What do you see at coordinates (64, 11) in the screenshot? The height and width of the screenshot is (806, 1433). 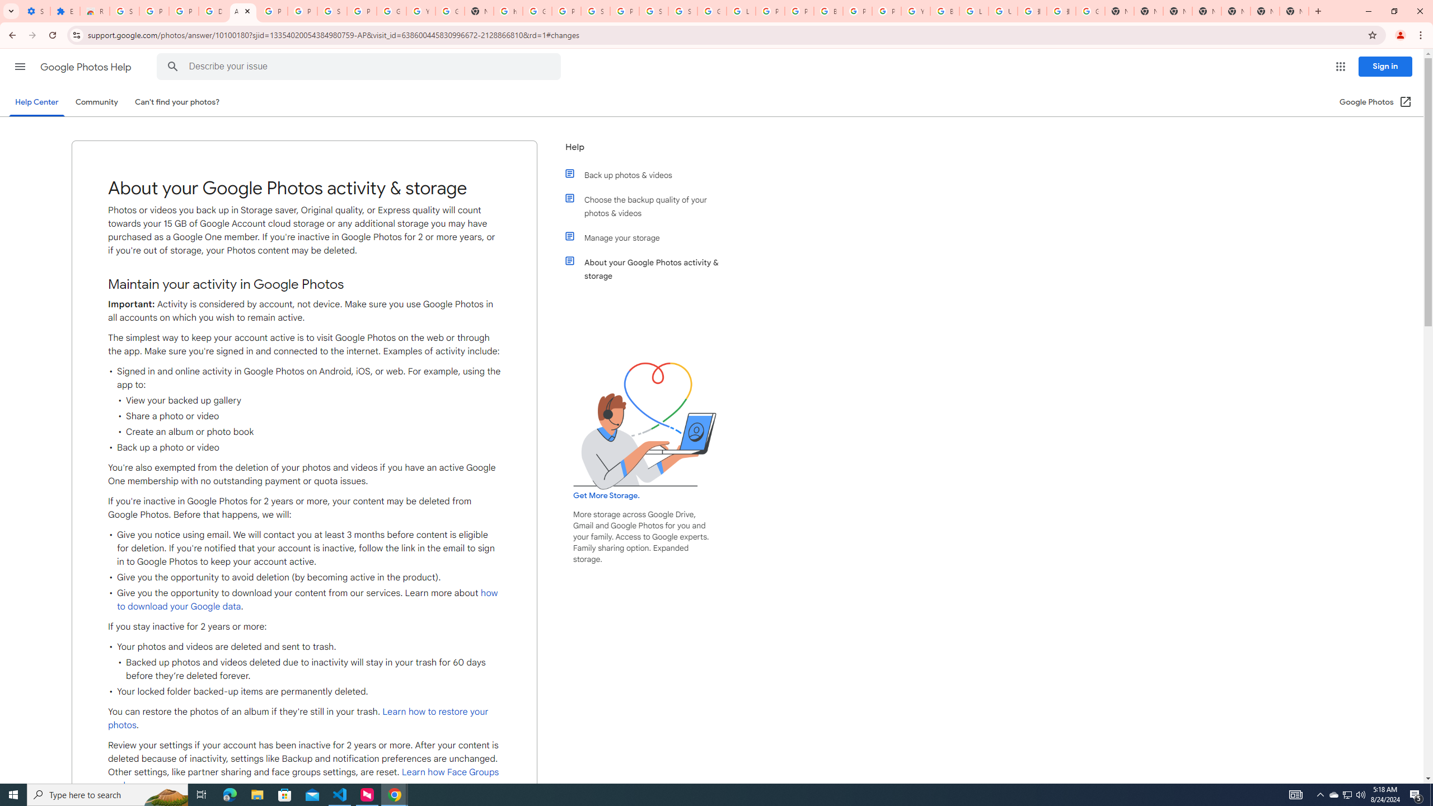 I see `'Extensions'` at bounding box center [64, 11].